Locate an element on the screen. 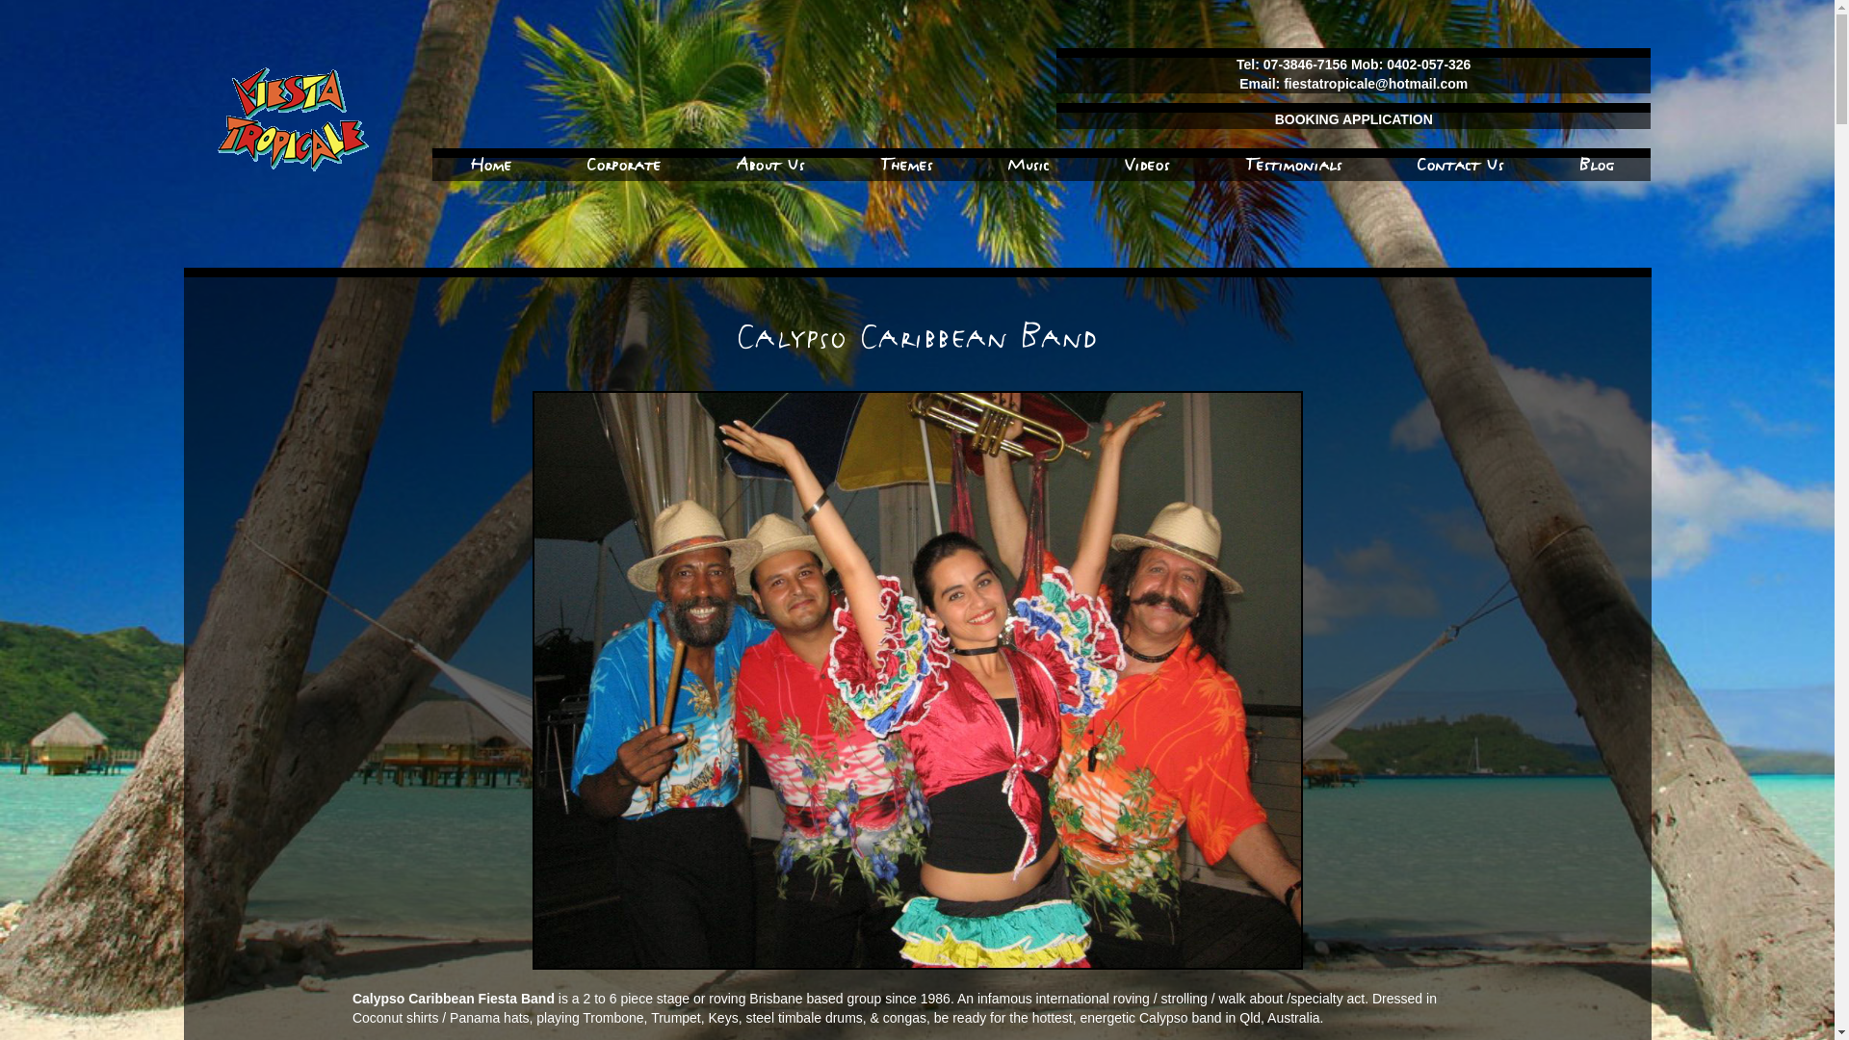 Image resolution: width=1849 pixels, height=1040 pixels. '0402-057-326' is located at coordinates (1428, 63).